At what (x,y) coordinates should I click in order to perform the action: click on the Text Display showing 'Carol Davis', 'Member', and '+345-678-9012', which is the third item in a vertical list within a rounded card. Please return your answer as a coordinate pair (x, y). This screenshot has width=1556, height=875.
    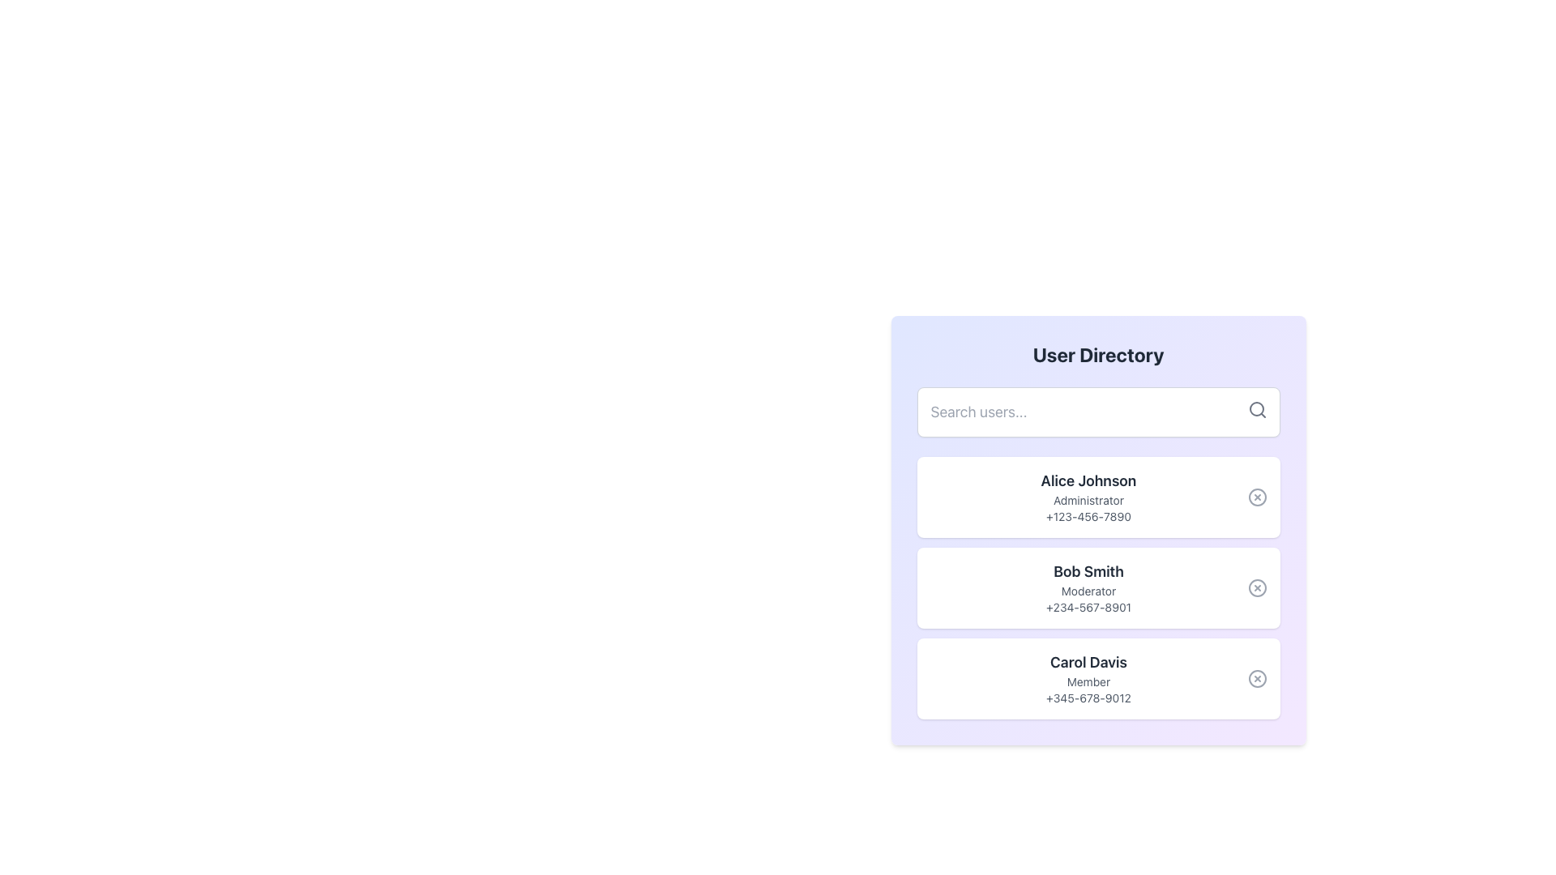
    Looking at the image, I should click on (1088, 678).